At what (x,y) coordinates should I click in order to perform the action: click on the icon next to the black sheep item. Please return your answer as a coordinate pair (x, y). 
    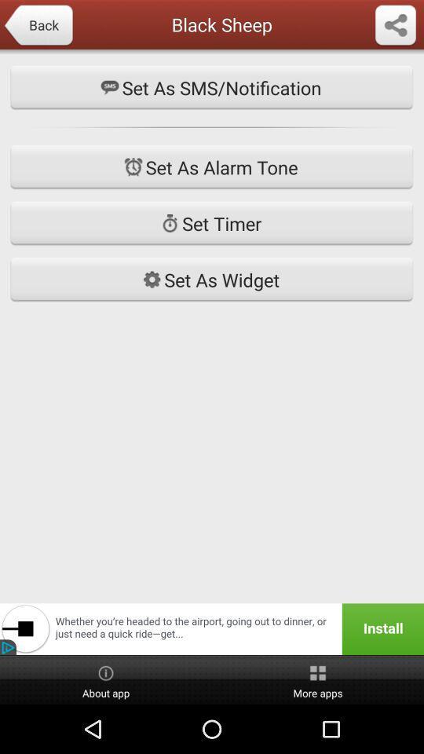
    Looking at the image, I should click on (38, 25).